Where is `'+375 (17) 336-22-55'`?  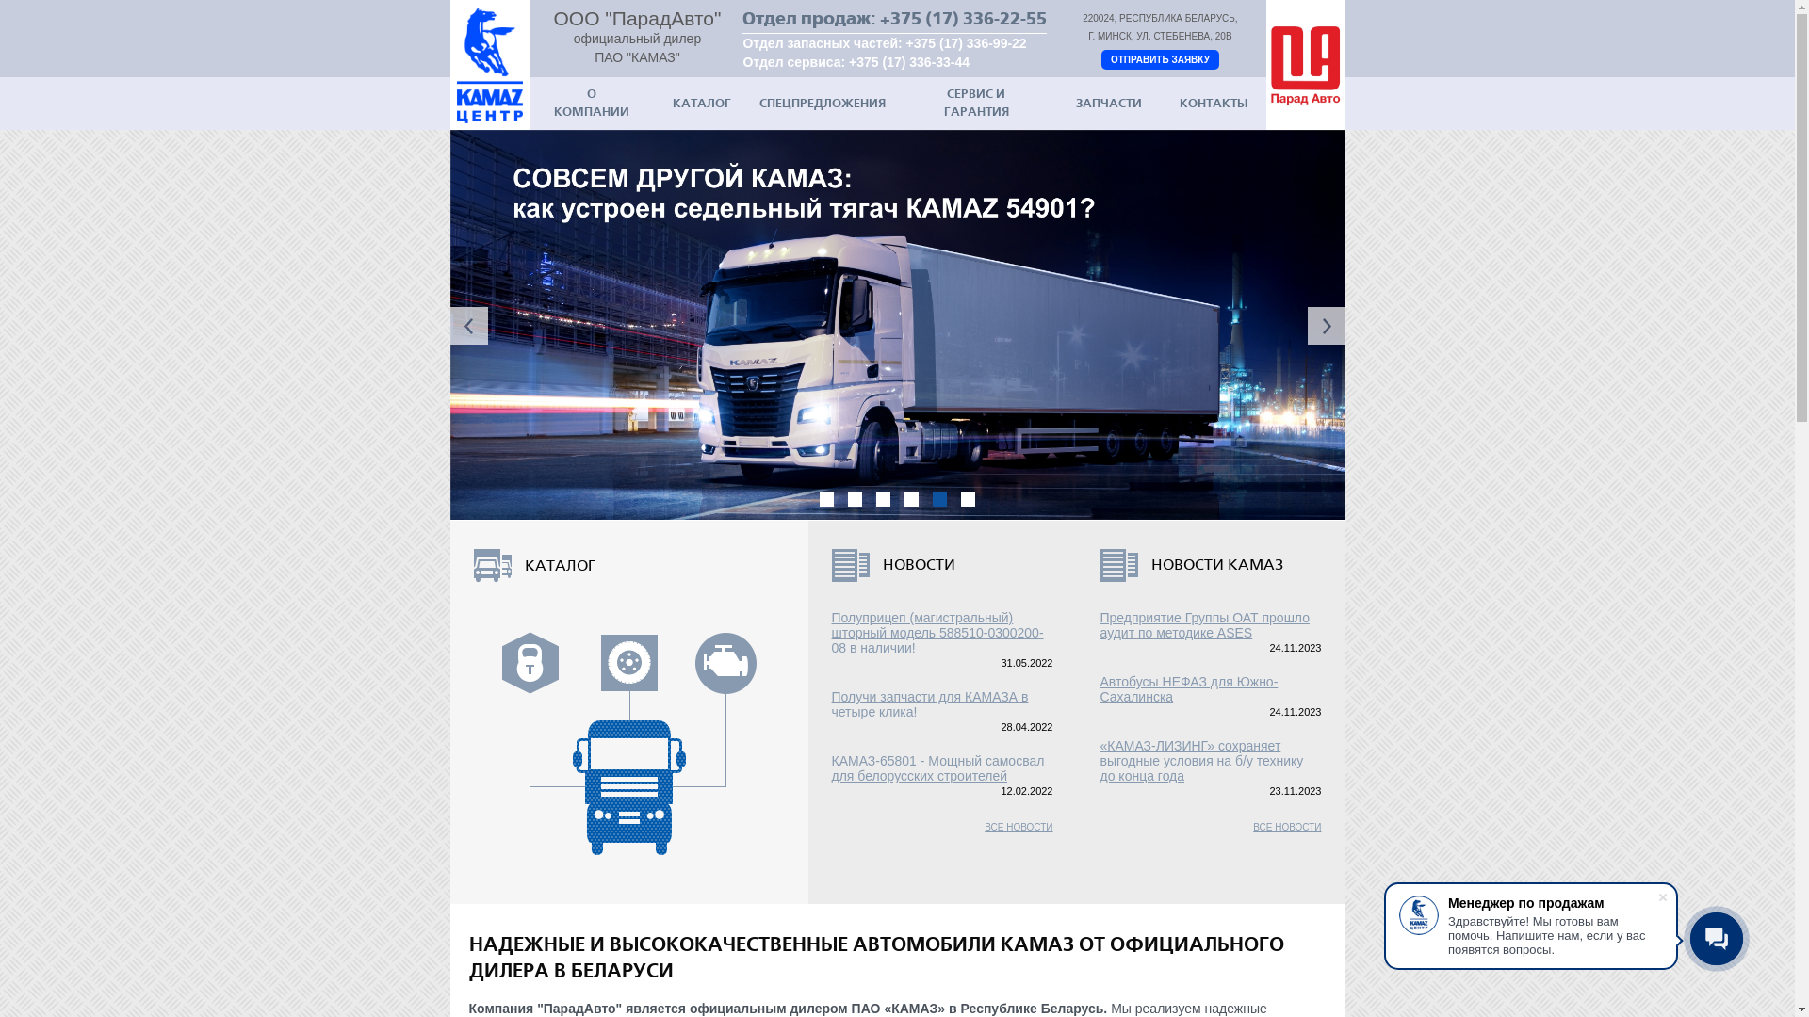 '+375 (17) 336-22-55' is located at coordinates (963, 18).